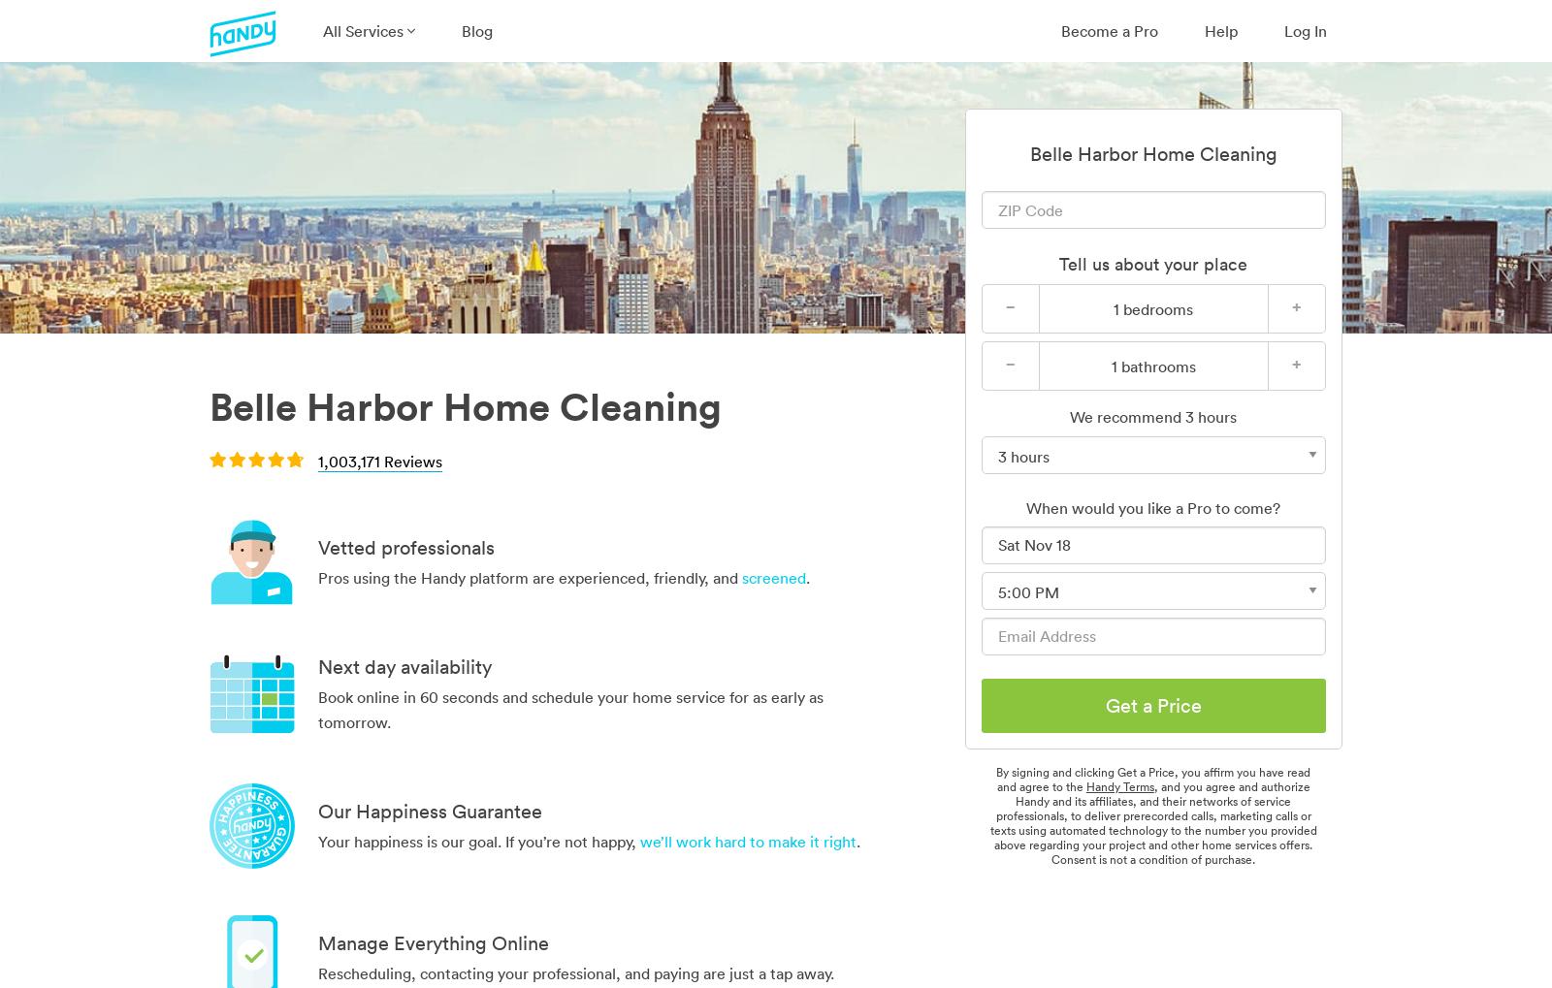 This screenshot has height=988, width=1552. What do you see at coordinates (1220, 29) in the screenshot?
I see `'Help'` at bounding box center [1220, 29].